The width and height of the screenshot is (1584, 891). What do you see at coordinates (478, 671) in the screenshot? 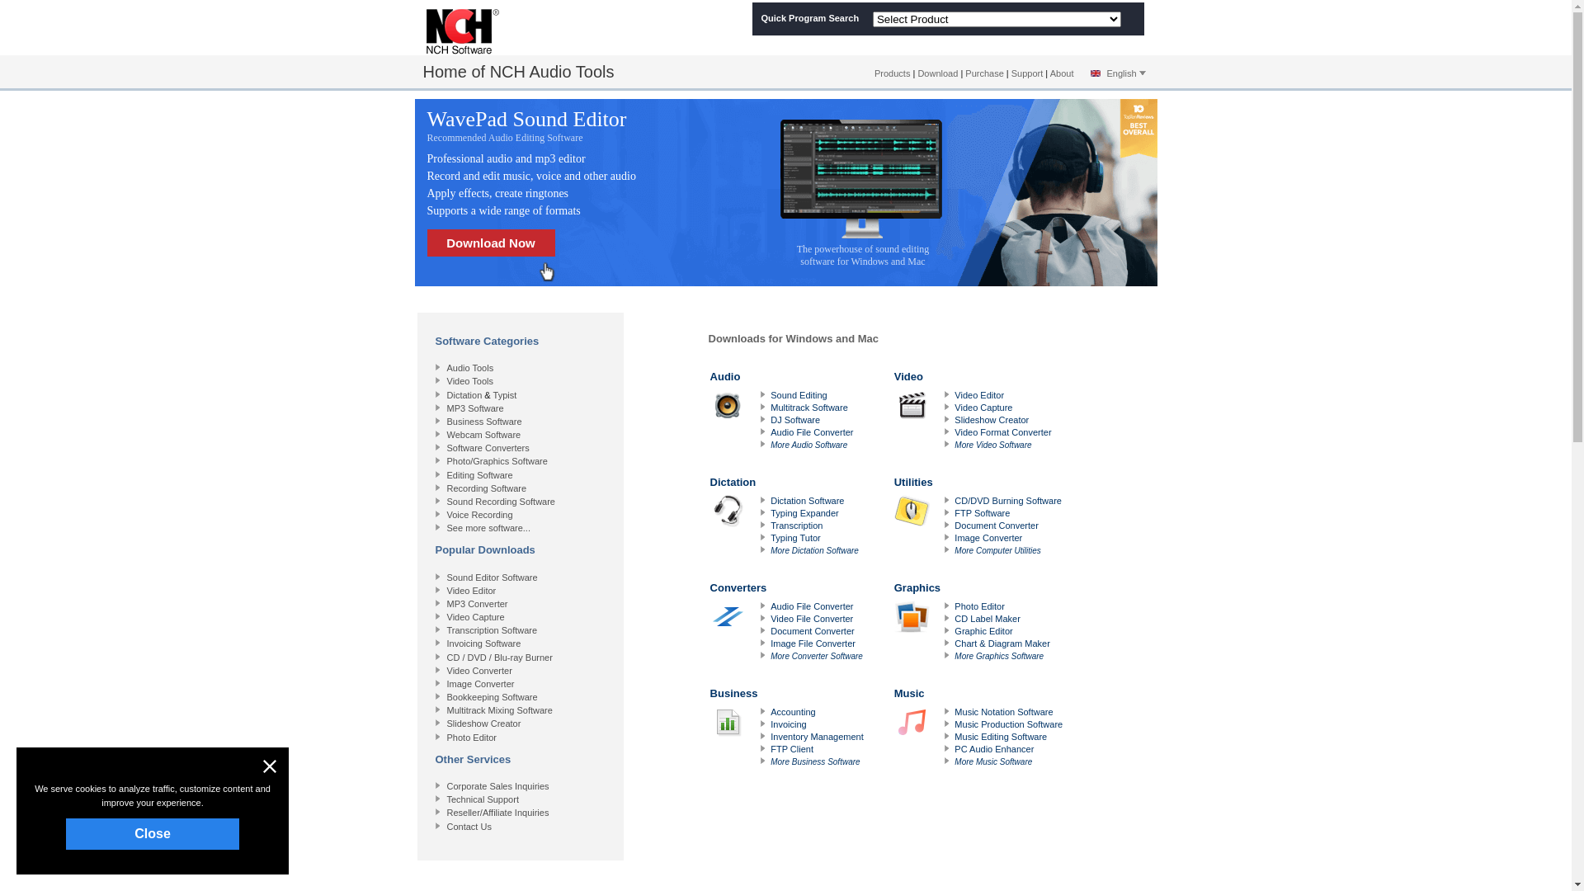
I see `'Video Converter'` at bounding box center [478, 671].